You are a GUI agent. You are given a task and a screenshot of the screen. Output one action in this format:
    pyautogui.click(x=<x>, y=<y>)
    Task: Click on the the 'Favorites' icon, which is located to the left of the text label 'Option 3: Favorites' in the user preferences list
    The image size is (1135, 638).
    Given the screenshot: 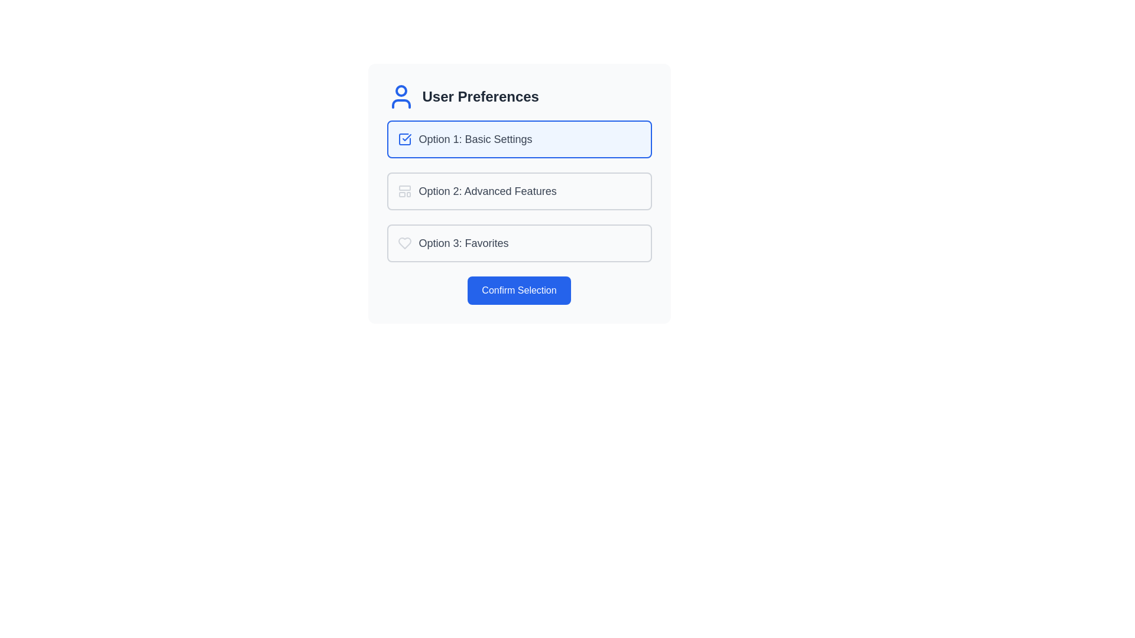 What is the action you would take?
    pyautogui.click(x=404, y=243)
    